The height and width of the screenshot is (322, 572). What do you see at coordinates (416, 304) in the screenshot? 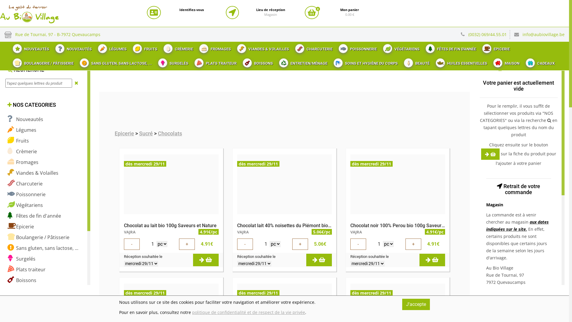
I see `'J'accepte'` at bounding box center [416, 304].